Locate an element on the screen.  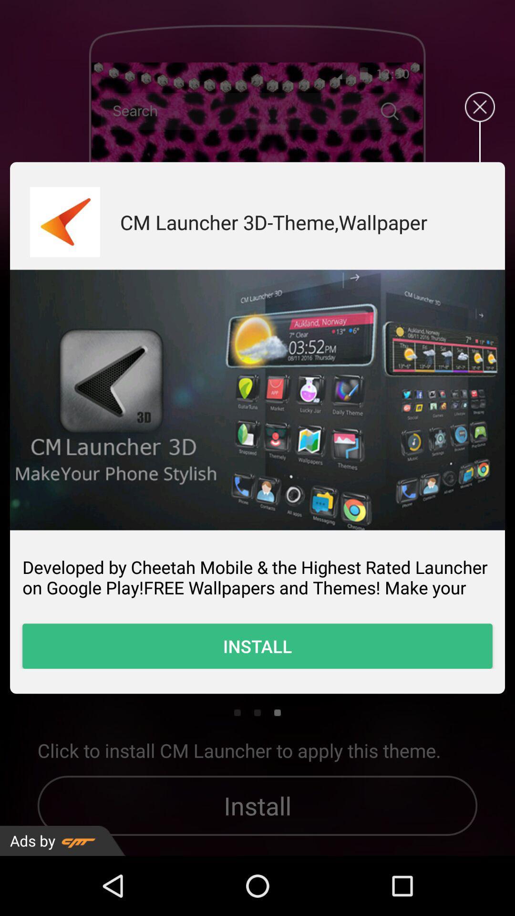
advertisement is located at coordinates (480, 107).